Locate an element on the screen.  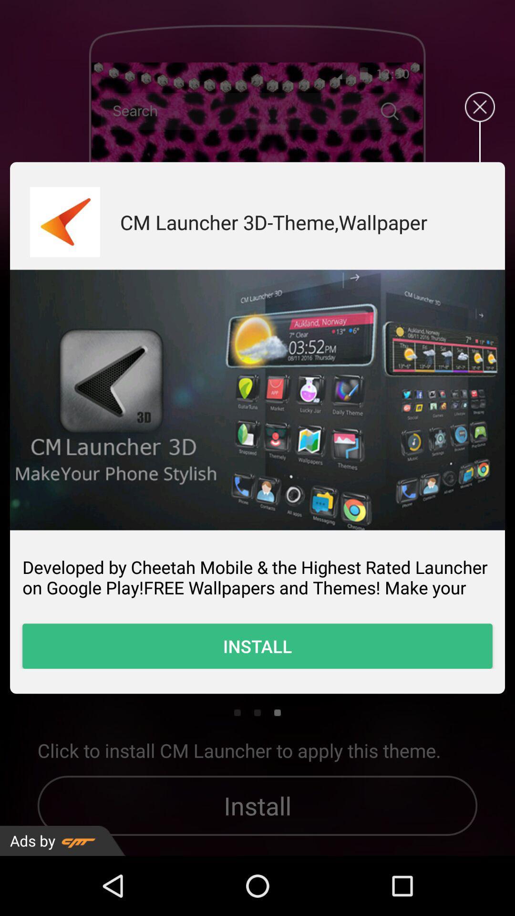
advertisement is located at coordinates (480, 107).